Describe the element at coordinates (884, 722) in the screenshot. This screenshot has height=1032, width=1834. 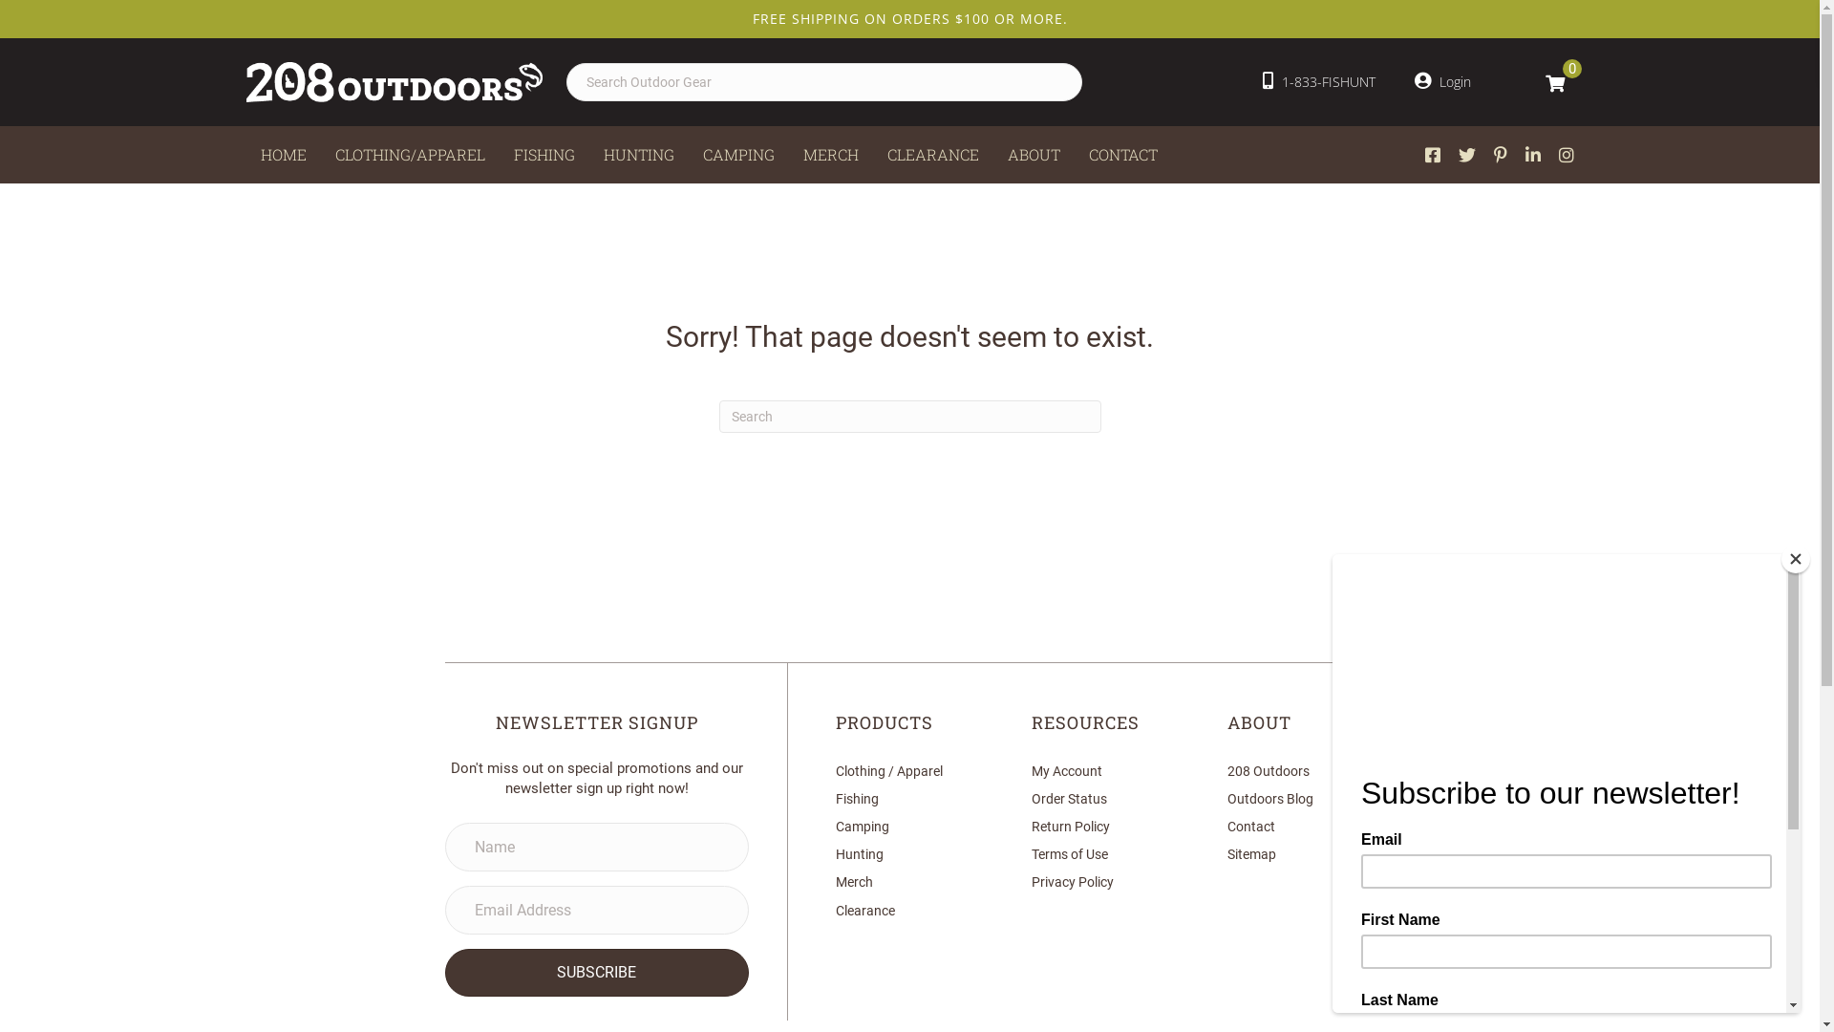
I see `'PRODUCTS'` at that location.